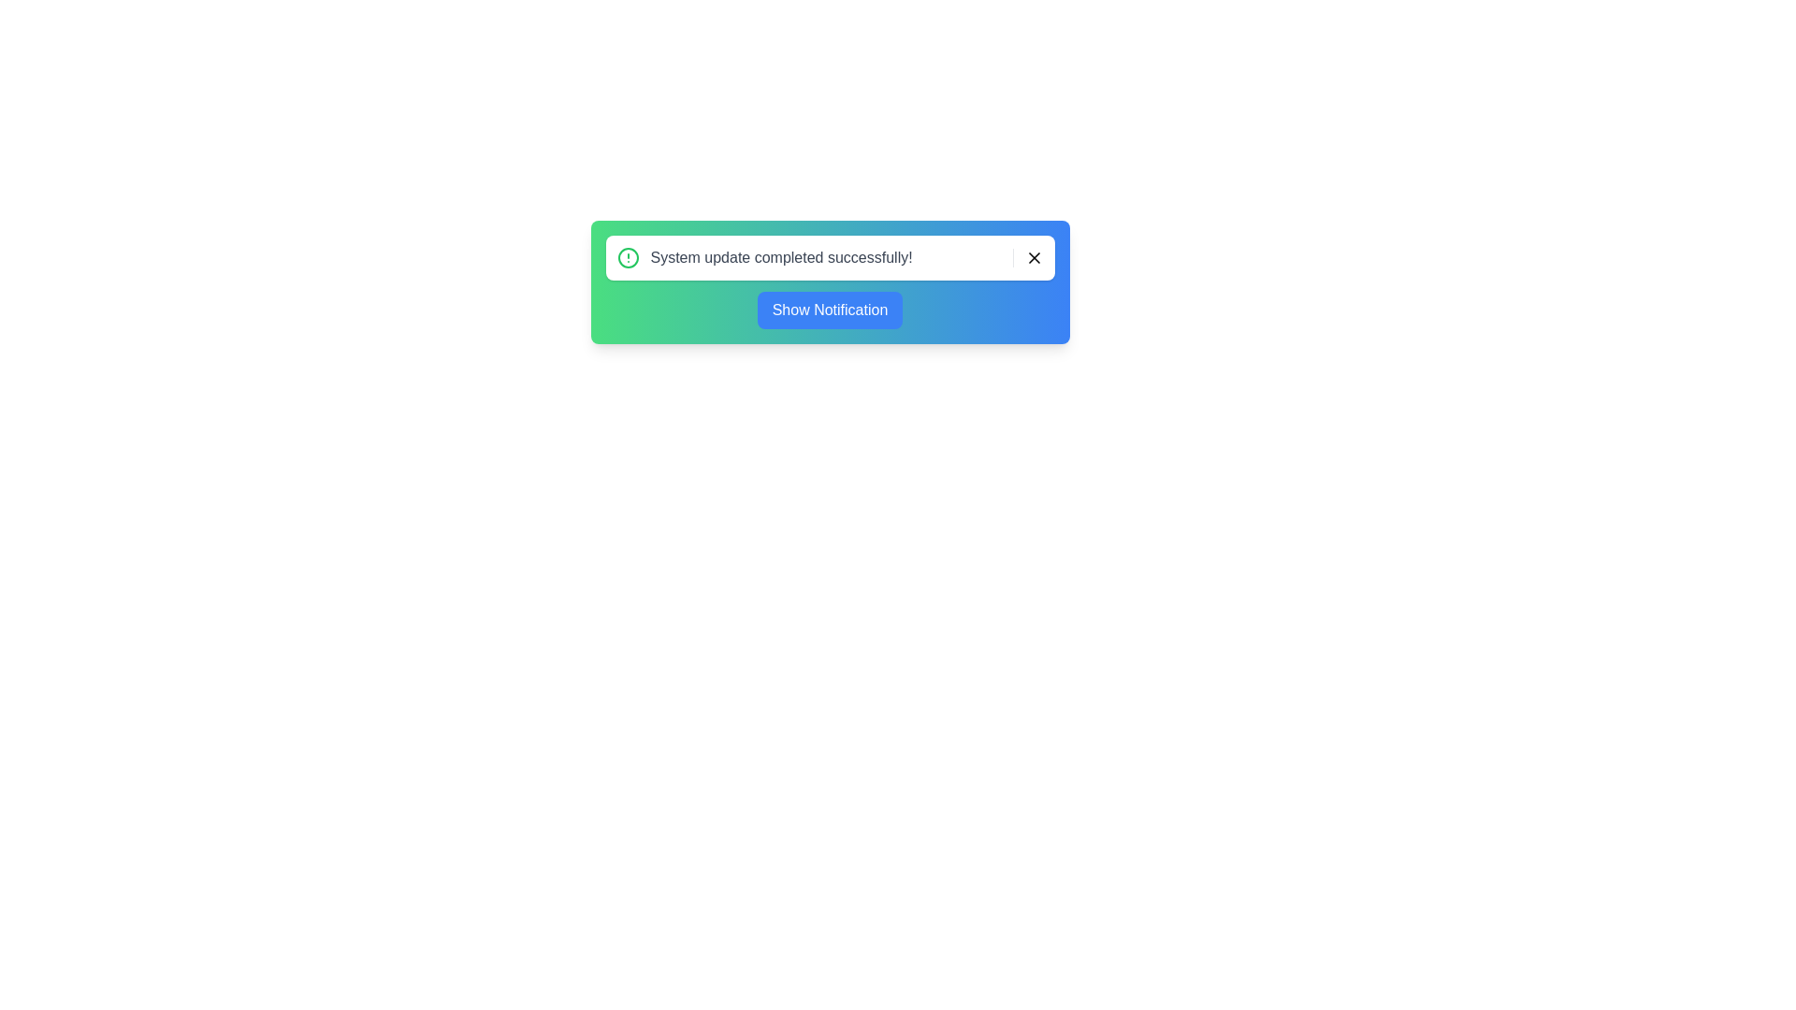  I want to click on the small square button with an X icon located at the end of the notification message that says 'System update completed successfully!', so click(1027, 258).